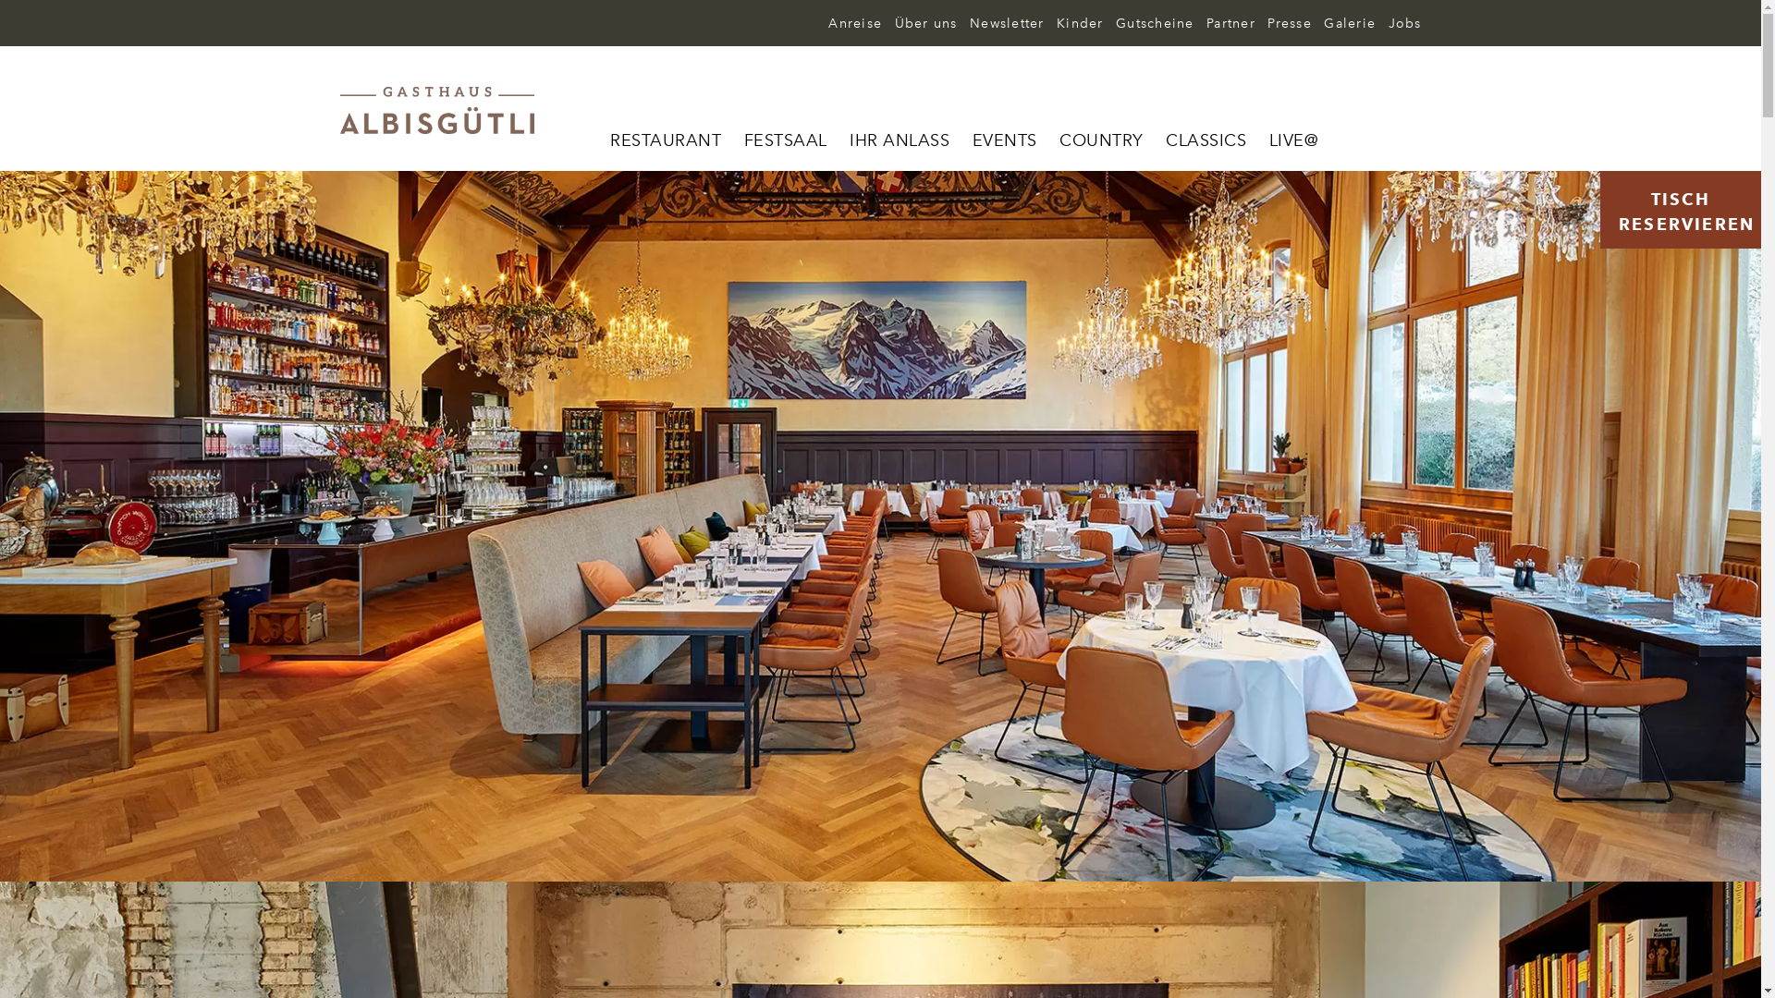 The height and width of the screenshot is (998, 1775). I want to click on 'Newsletter', so click(1001, 24).